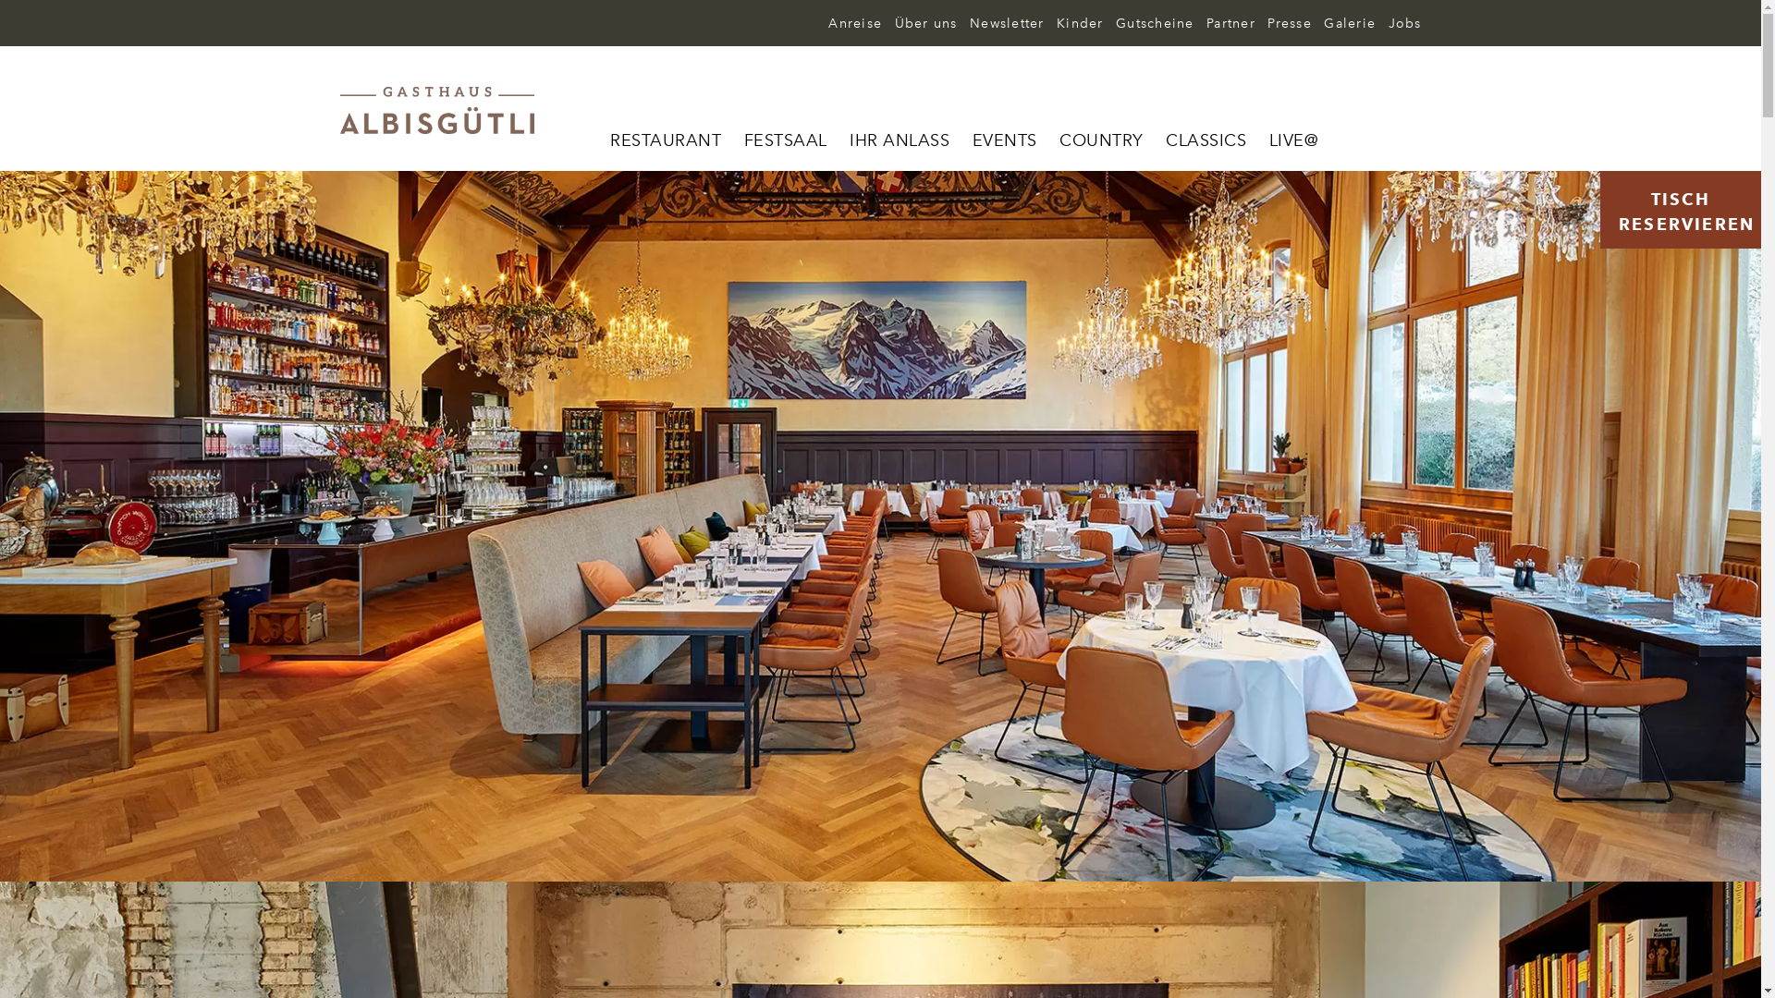 The height and width of the screenshot is (998, 1775). I want to click on 'Newsletter', so click(1001, 24).